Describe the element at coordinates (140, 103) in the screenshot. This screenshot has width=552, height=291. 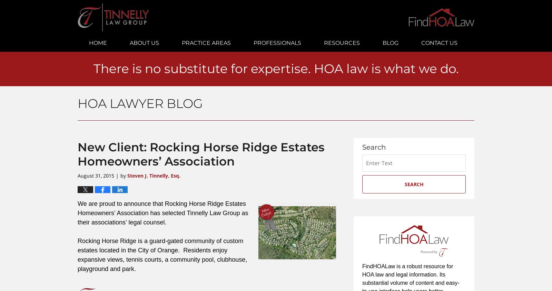
I see `'HOA Lawyer BLog'` at that location.